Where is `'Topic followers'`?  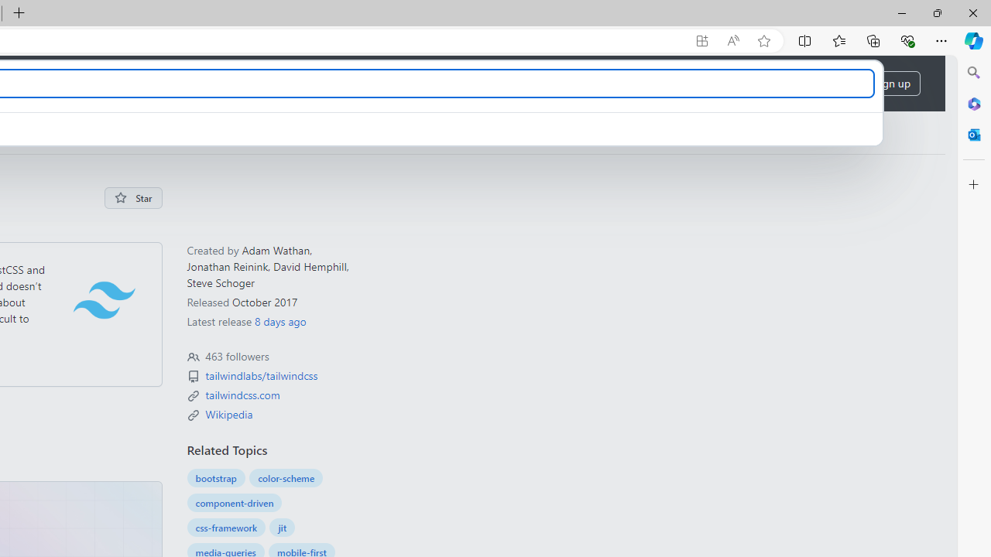 'Topic followers' is located at coordinates (192, 357).